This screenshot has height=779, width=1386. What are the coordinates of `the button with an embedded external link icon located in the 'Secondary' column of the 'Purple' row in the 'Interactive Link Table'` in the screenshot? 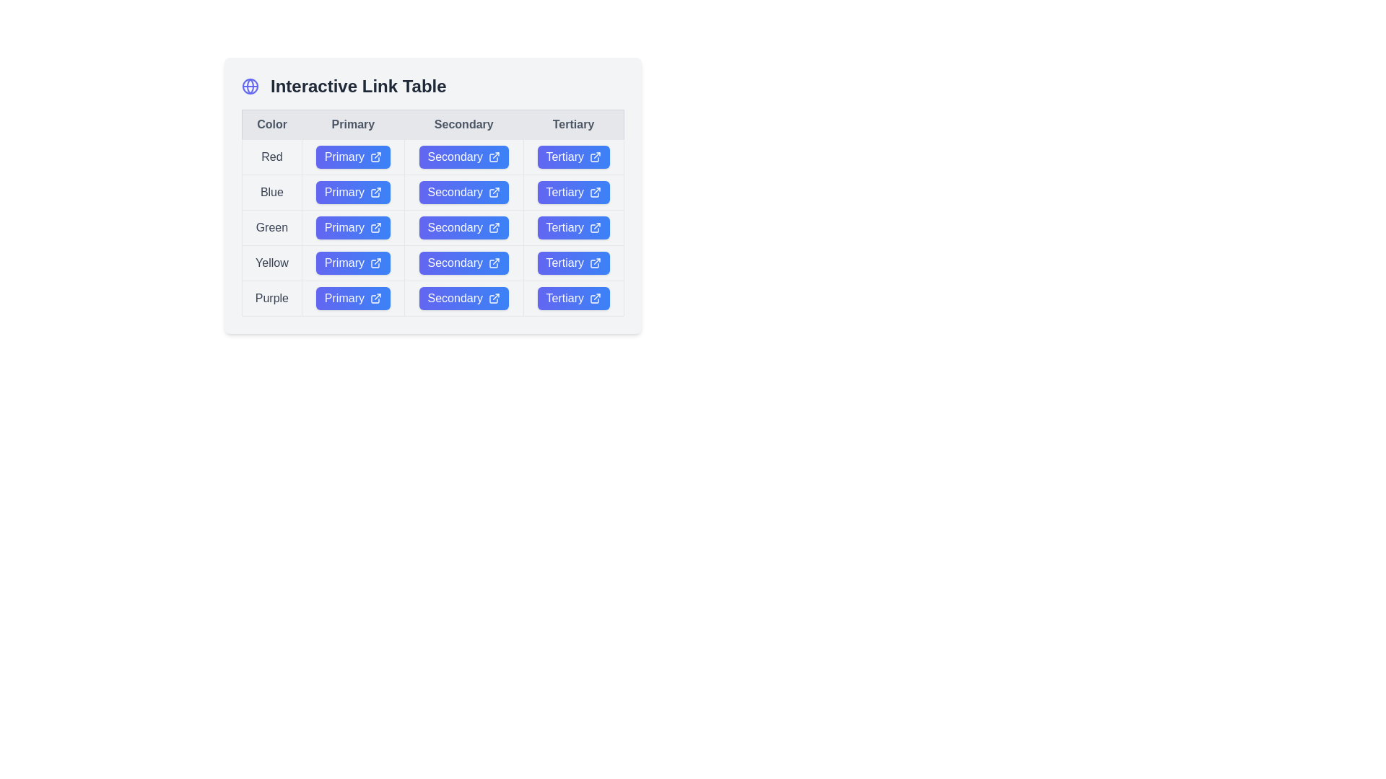 It's located at (463, 297).